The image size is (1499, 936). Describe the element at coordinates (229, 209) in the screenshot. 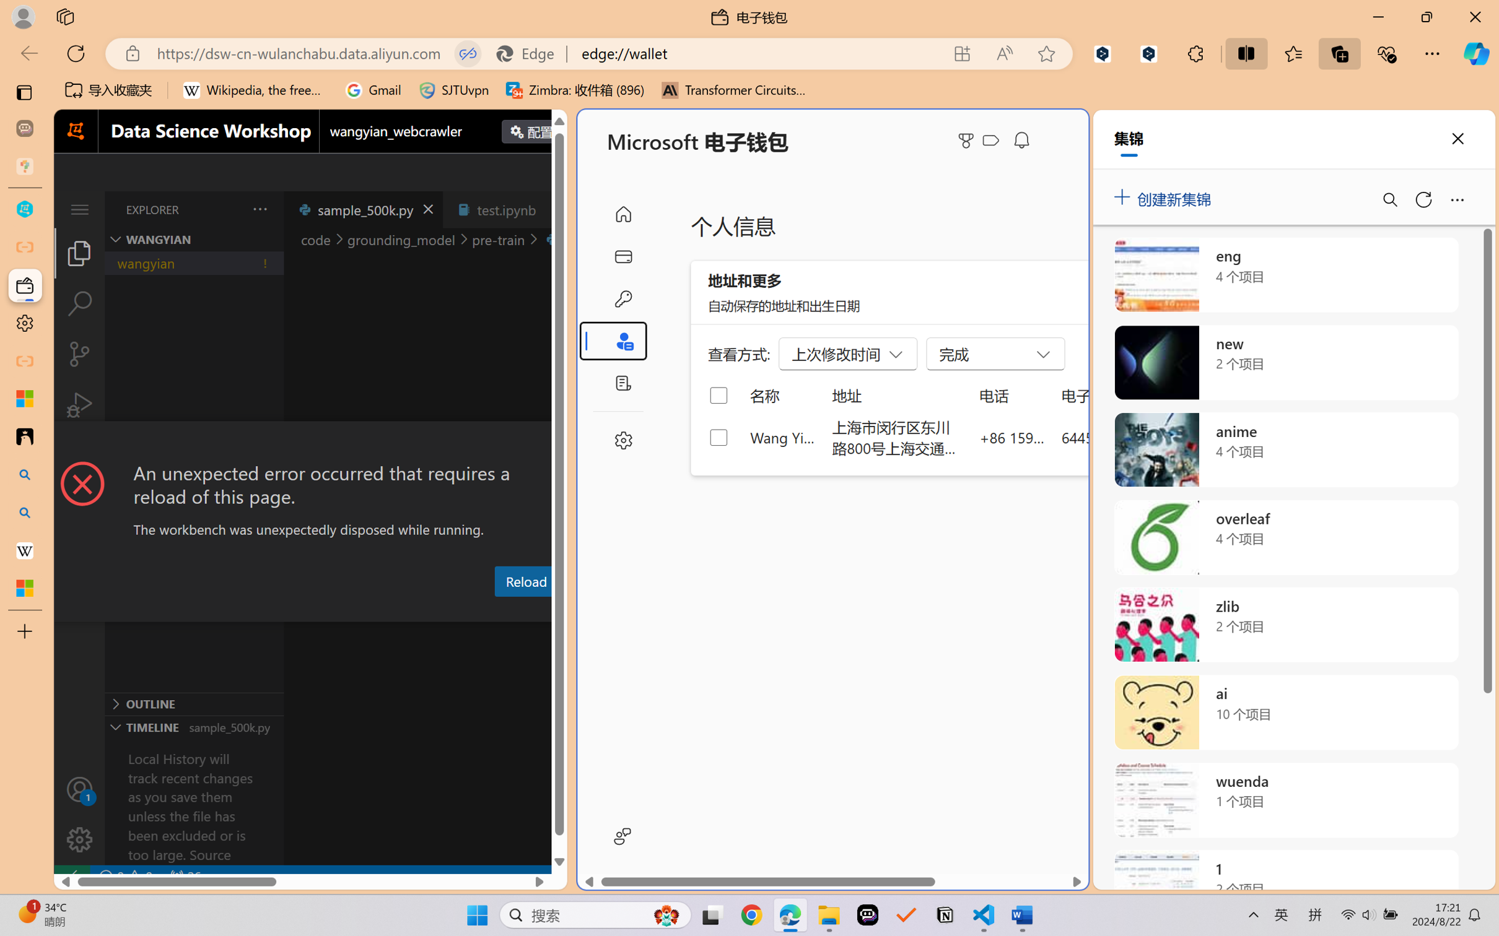

I see `'Explorer actions'` at that location.